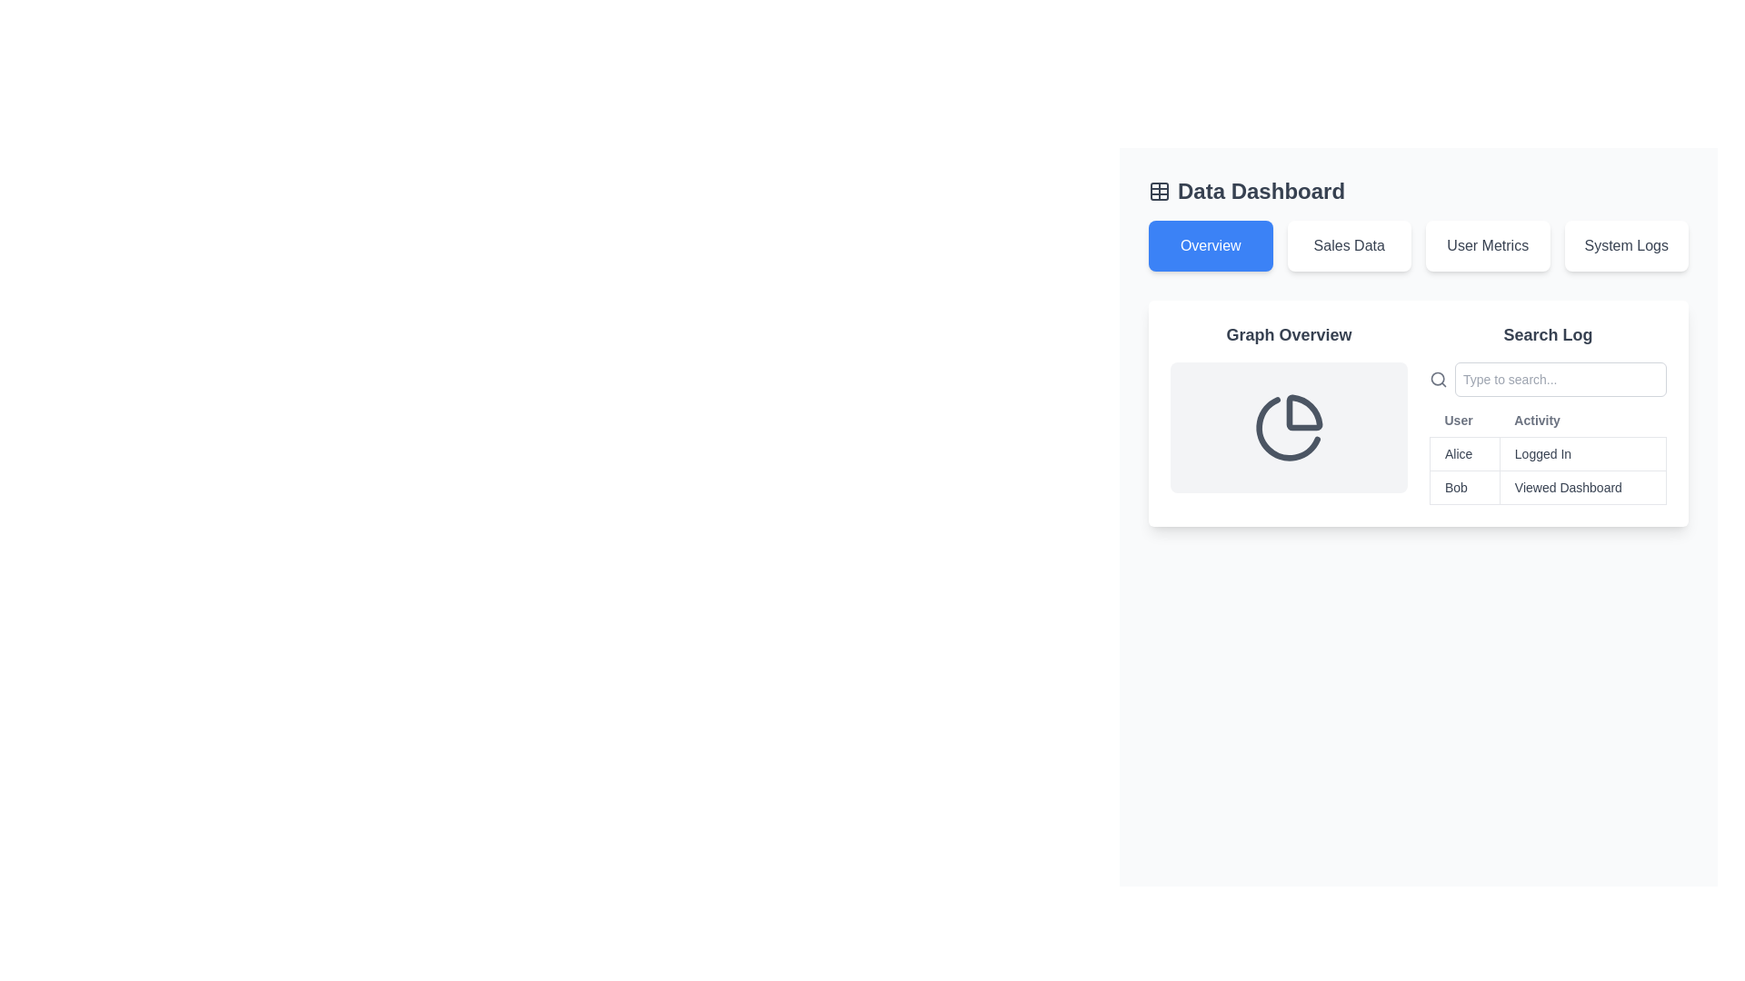 This screenshot has width=1745, height=981. Describe the element at coordinates (1159, 192) in the screenshot. I see `the small table grid icon located to the left of the 'Data Dashboard' text, which is positioned at the top-left corner of the interface` at that location.